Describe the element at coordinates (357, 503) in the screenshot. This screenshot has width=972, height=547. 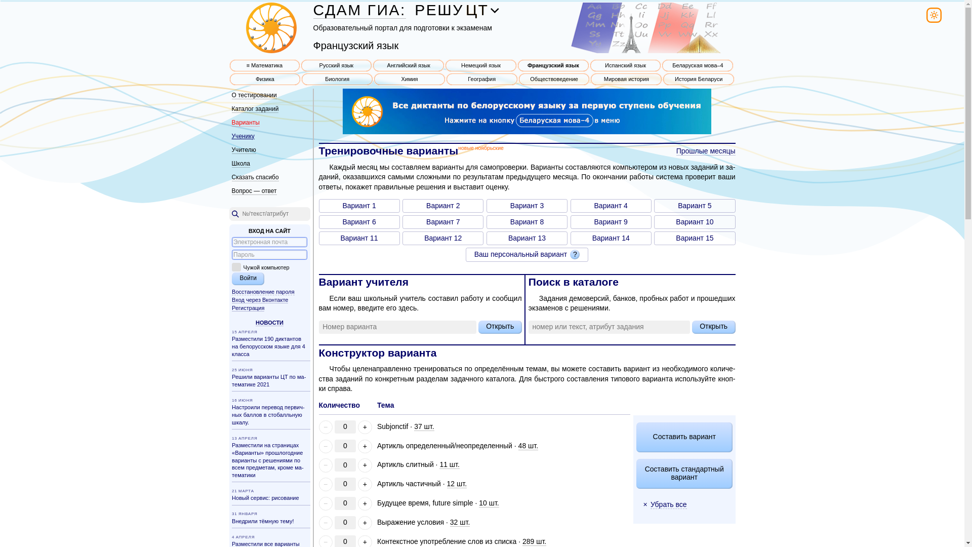
I see `'+'` at that location.